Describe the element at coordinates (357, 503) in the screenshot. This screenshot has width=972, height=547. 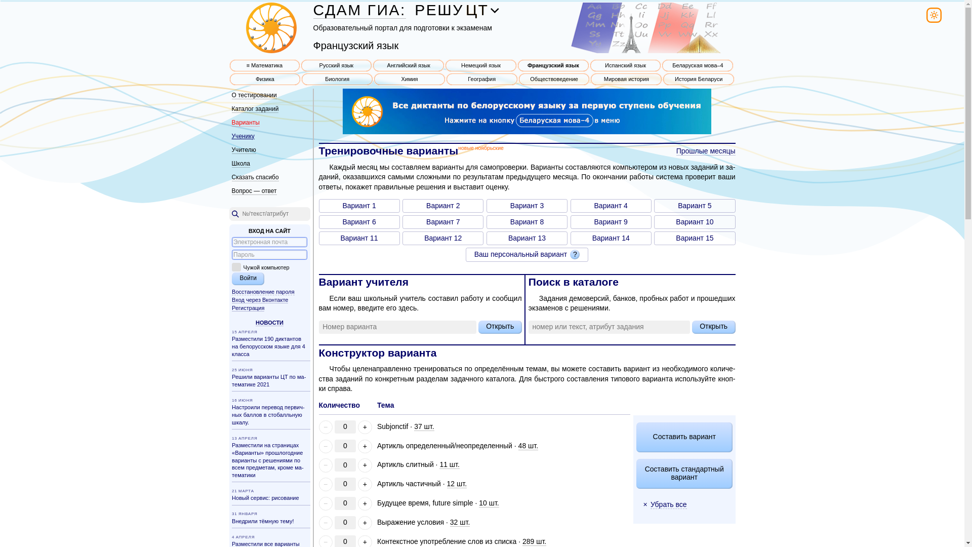
I see `'+'` at that location.